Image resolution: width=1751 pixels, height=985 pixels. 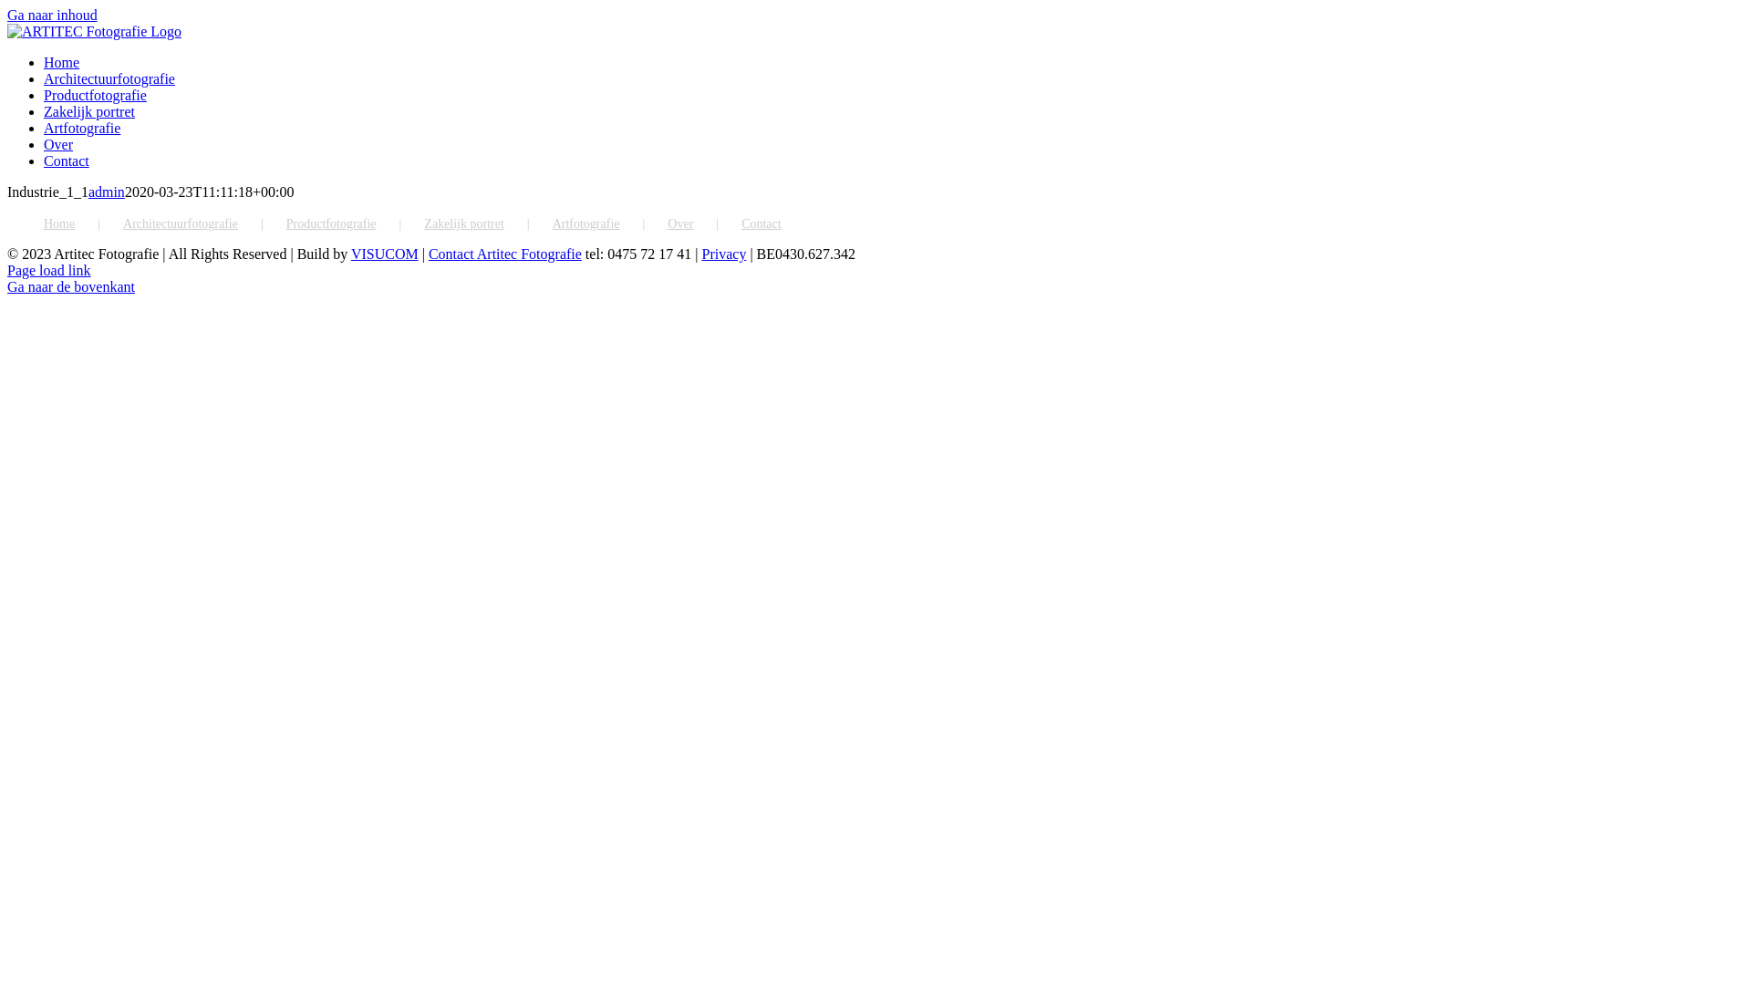 What do you see at coordinates (350, 254) in the screenshot?
I see `'VISUCOM'` at bounding box center [350, 254].